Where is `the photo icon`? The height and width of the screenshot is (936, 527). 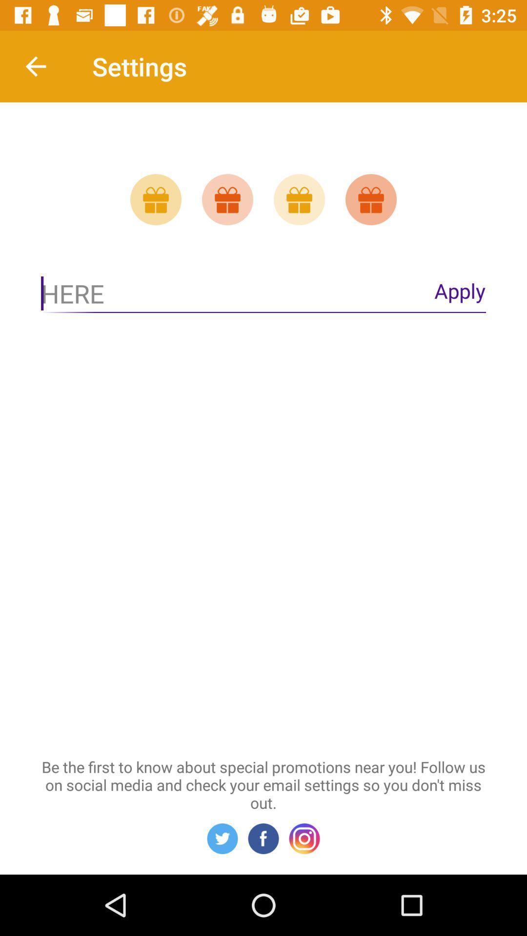
the photo icon is located at coordinates (304, 838).